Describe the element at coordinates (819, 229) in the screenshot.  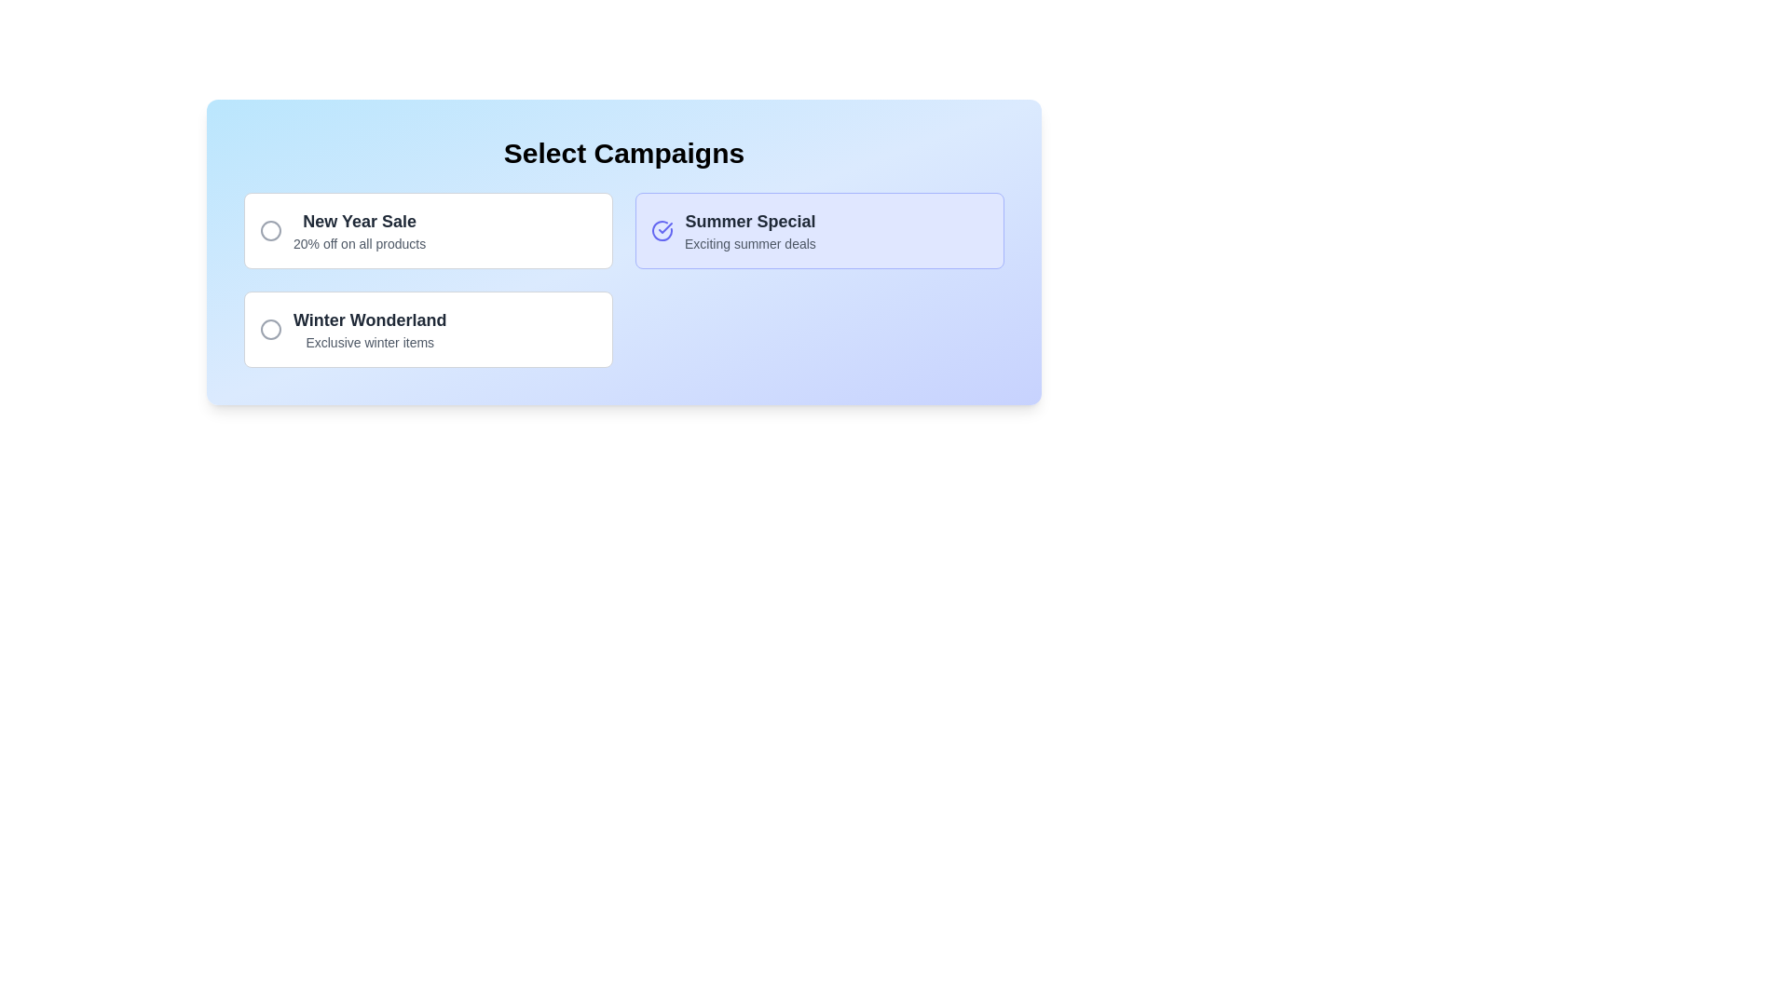
I see `the second card in the grid representing a summer-themed sale` at that location.